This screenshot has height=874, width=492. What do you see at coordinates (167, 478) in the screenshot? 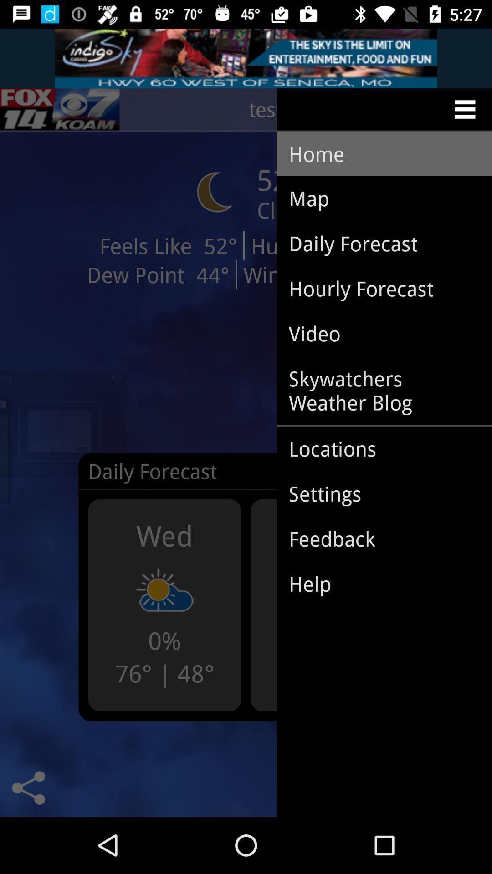
I see `the daily forecaste which is below the wed` at bounding box center [167, 478].